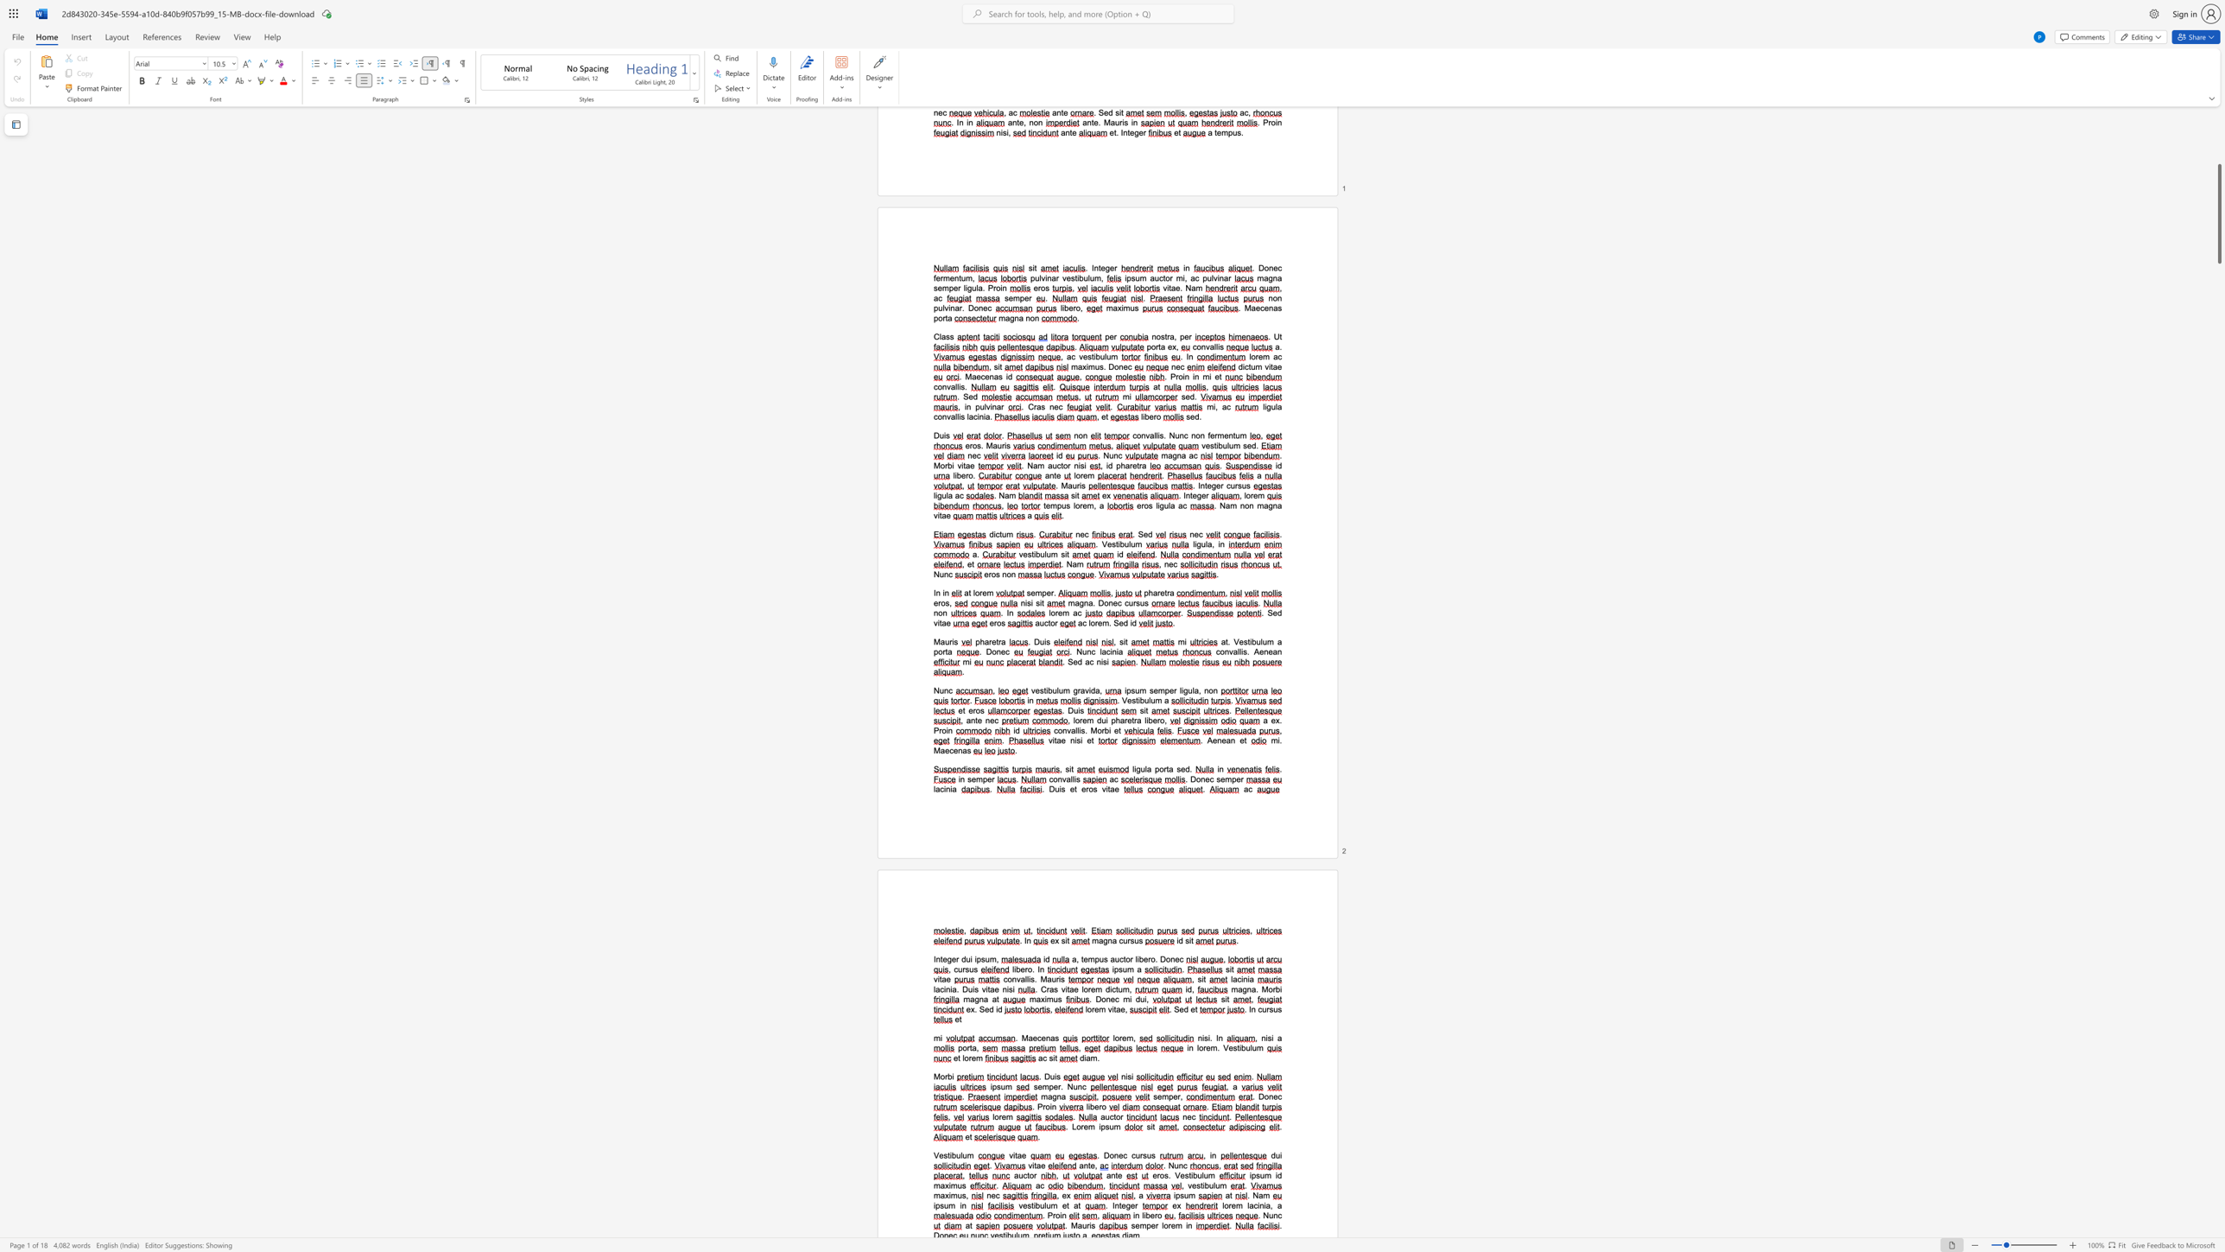  Describe the element at coordinates (1166, 1224) in the screenshot. I see `the space between the continuous character "o" and "r" in the text` at that location.